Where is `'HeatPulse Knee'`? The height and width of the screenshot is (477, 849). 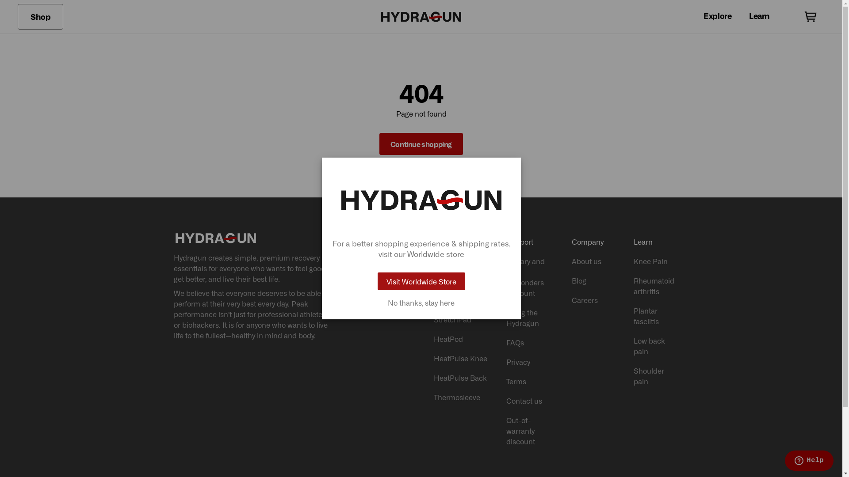 'HeatPulse Knee' is located at coordinates (433, 358).